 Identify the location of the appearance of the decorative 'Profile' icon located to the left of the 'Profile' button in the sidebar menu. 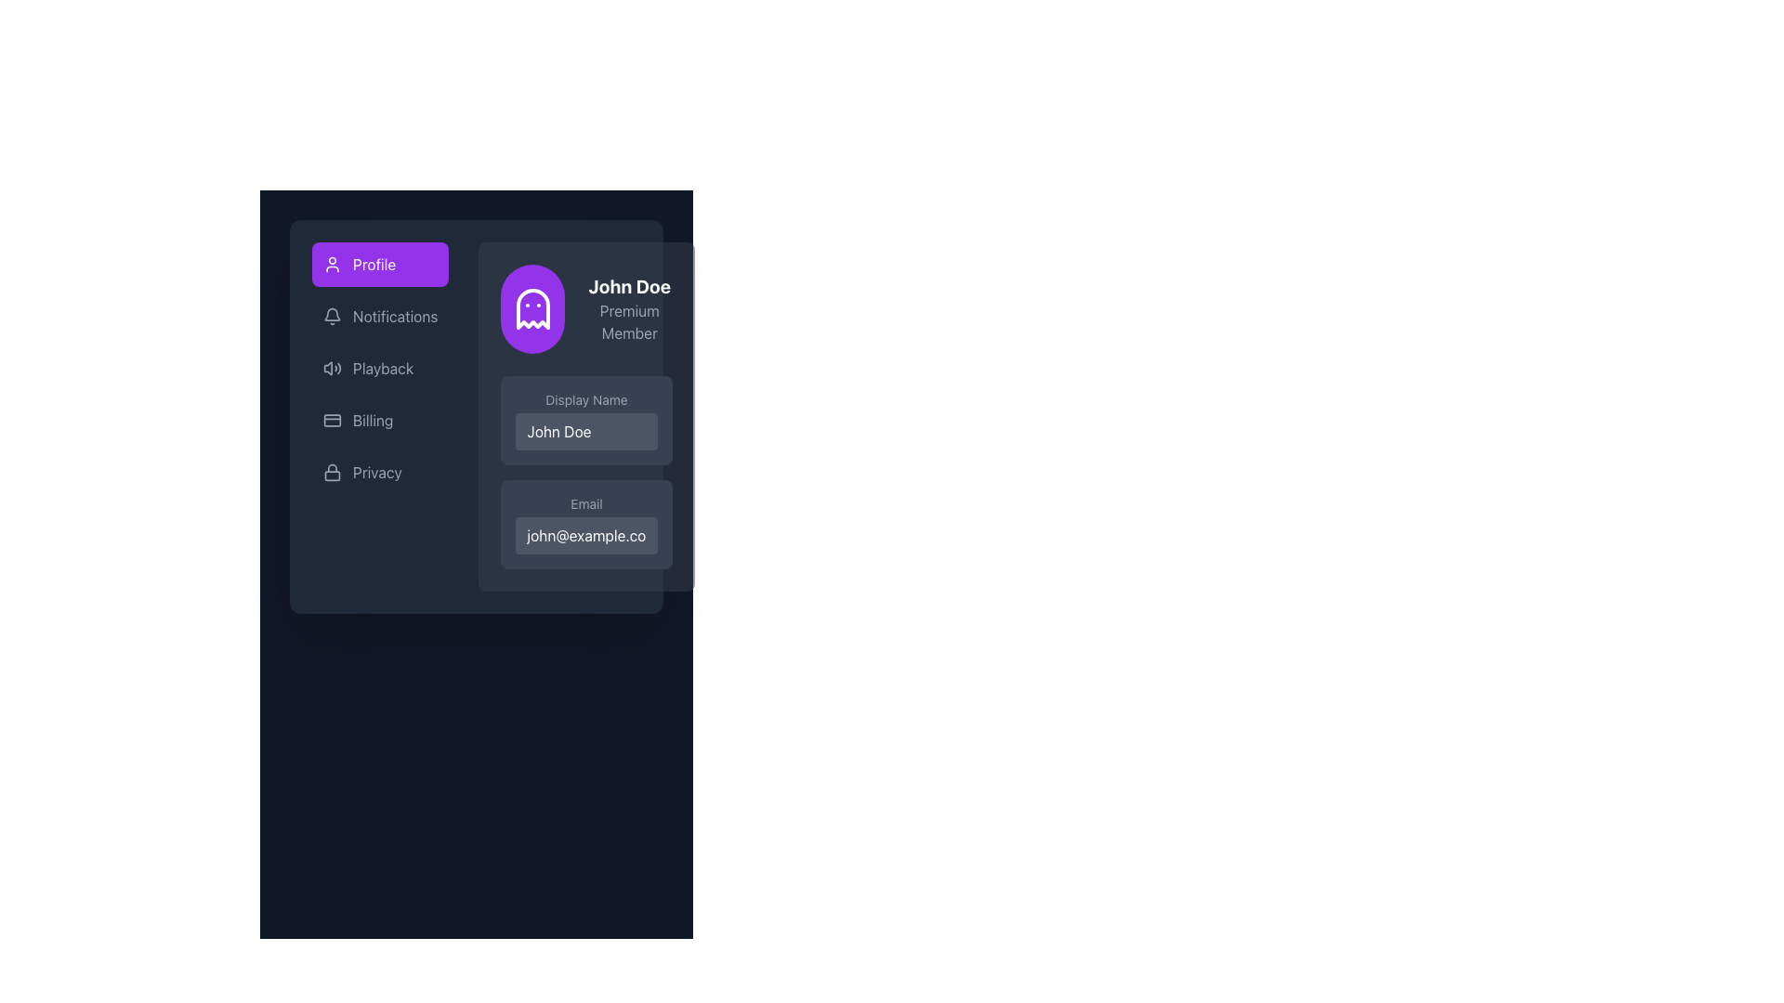
(333, 265).